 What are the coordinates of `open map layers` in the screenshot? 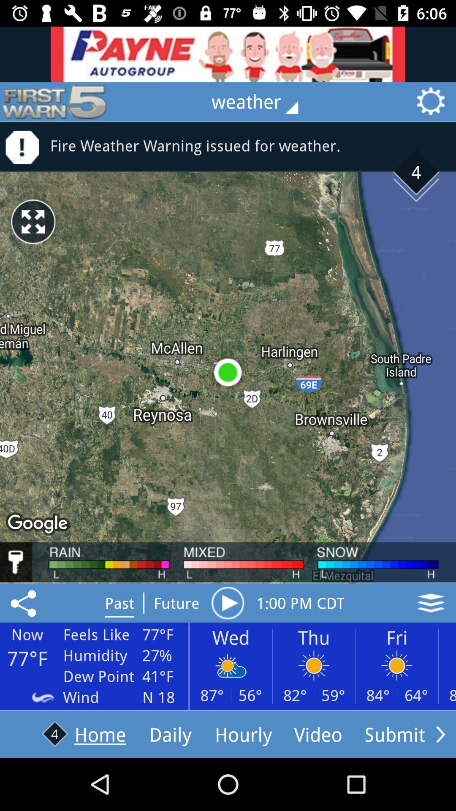 It's located at (431, 602).